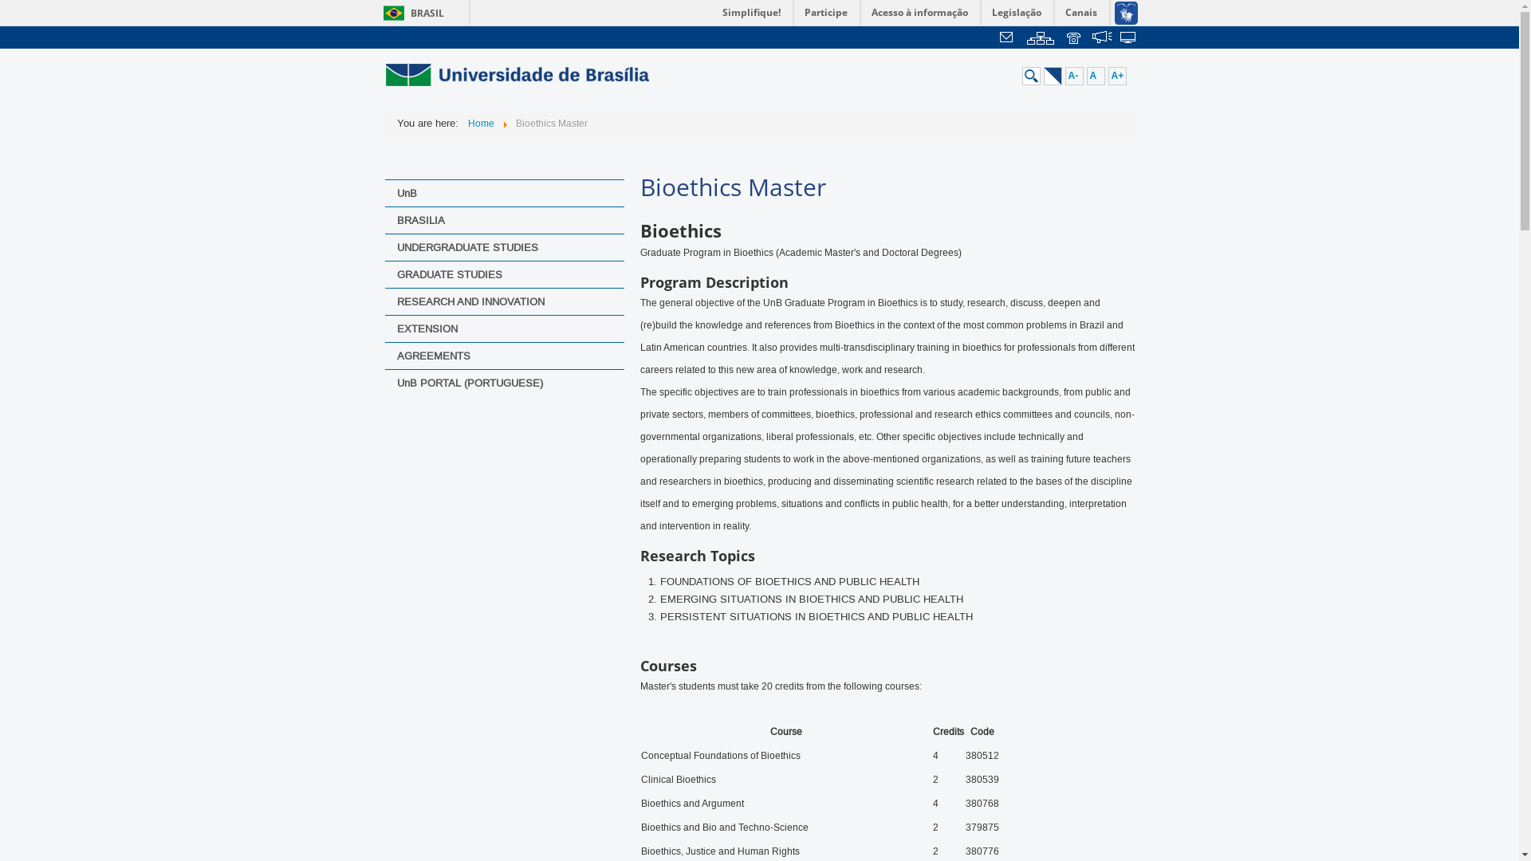 The image size is (1531, 861). What do you see at coordinates (1075, 38) in the screenshot?
I see `'Telefones da UnB'` at bounding box center [1075, 38].